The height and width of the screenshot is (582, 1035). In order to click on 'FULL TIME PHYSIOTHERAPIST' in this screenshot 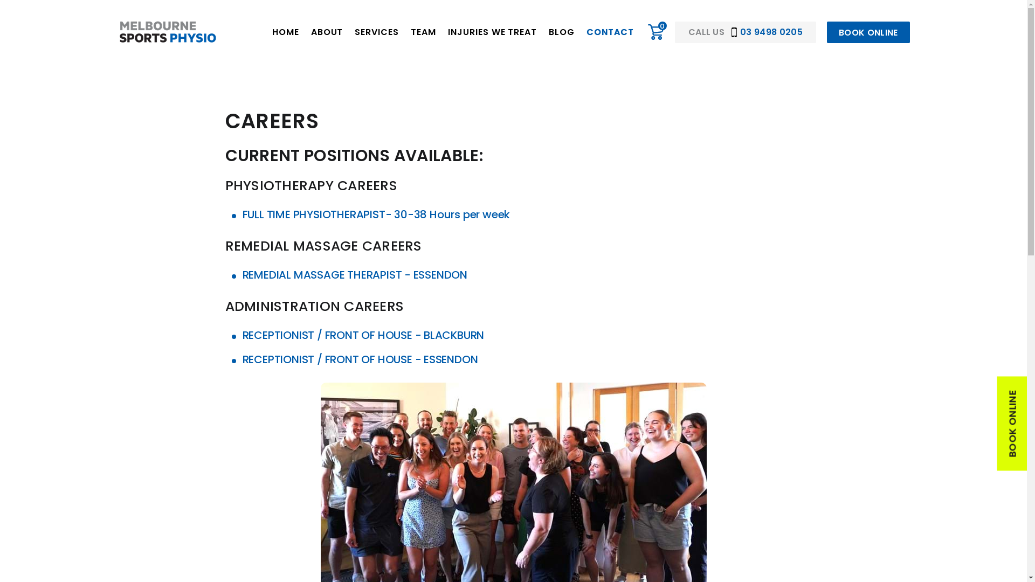, I will do `click(313, 214)`.